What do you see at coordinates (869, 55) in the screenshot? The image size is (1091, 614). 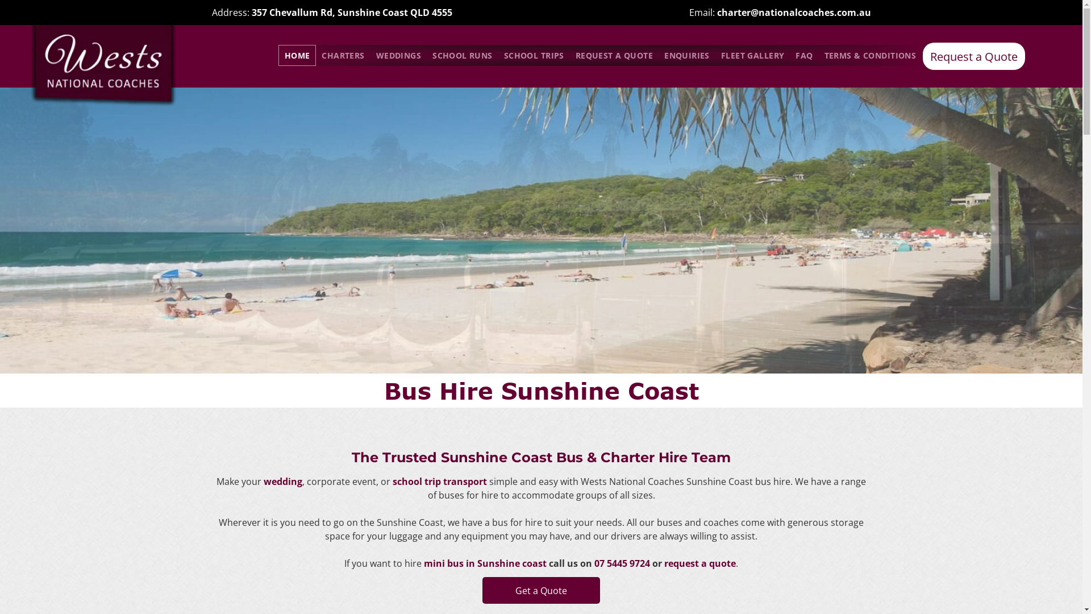 I see `'TERMS & CONDITIONS'` at bounding box center [869, 55].